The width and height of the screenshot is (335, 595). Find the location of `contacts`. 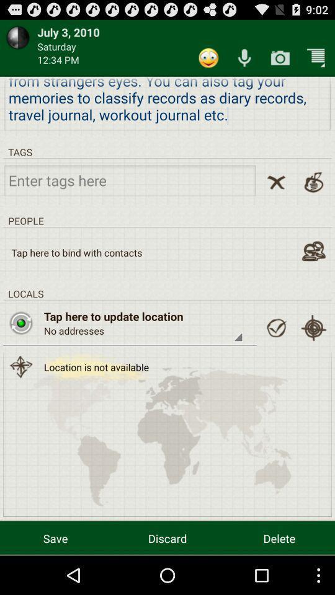

contacts is located at coordinates (313, 250).